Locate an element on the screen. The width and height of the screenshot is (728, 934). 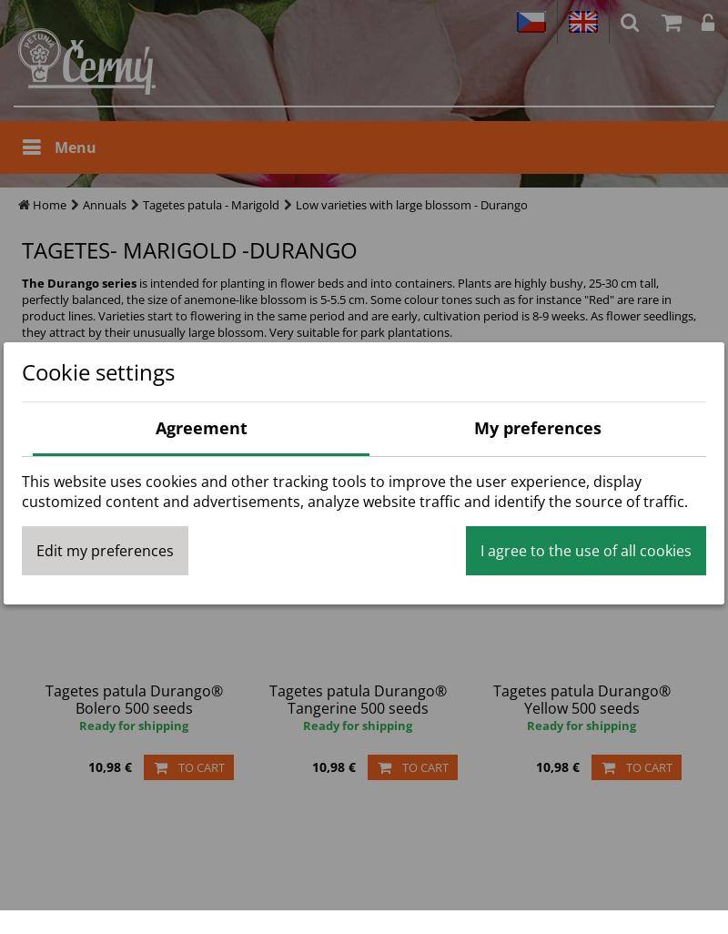
'Edit my preferences' is located at coordinates (104, 550).